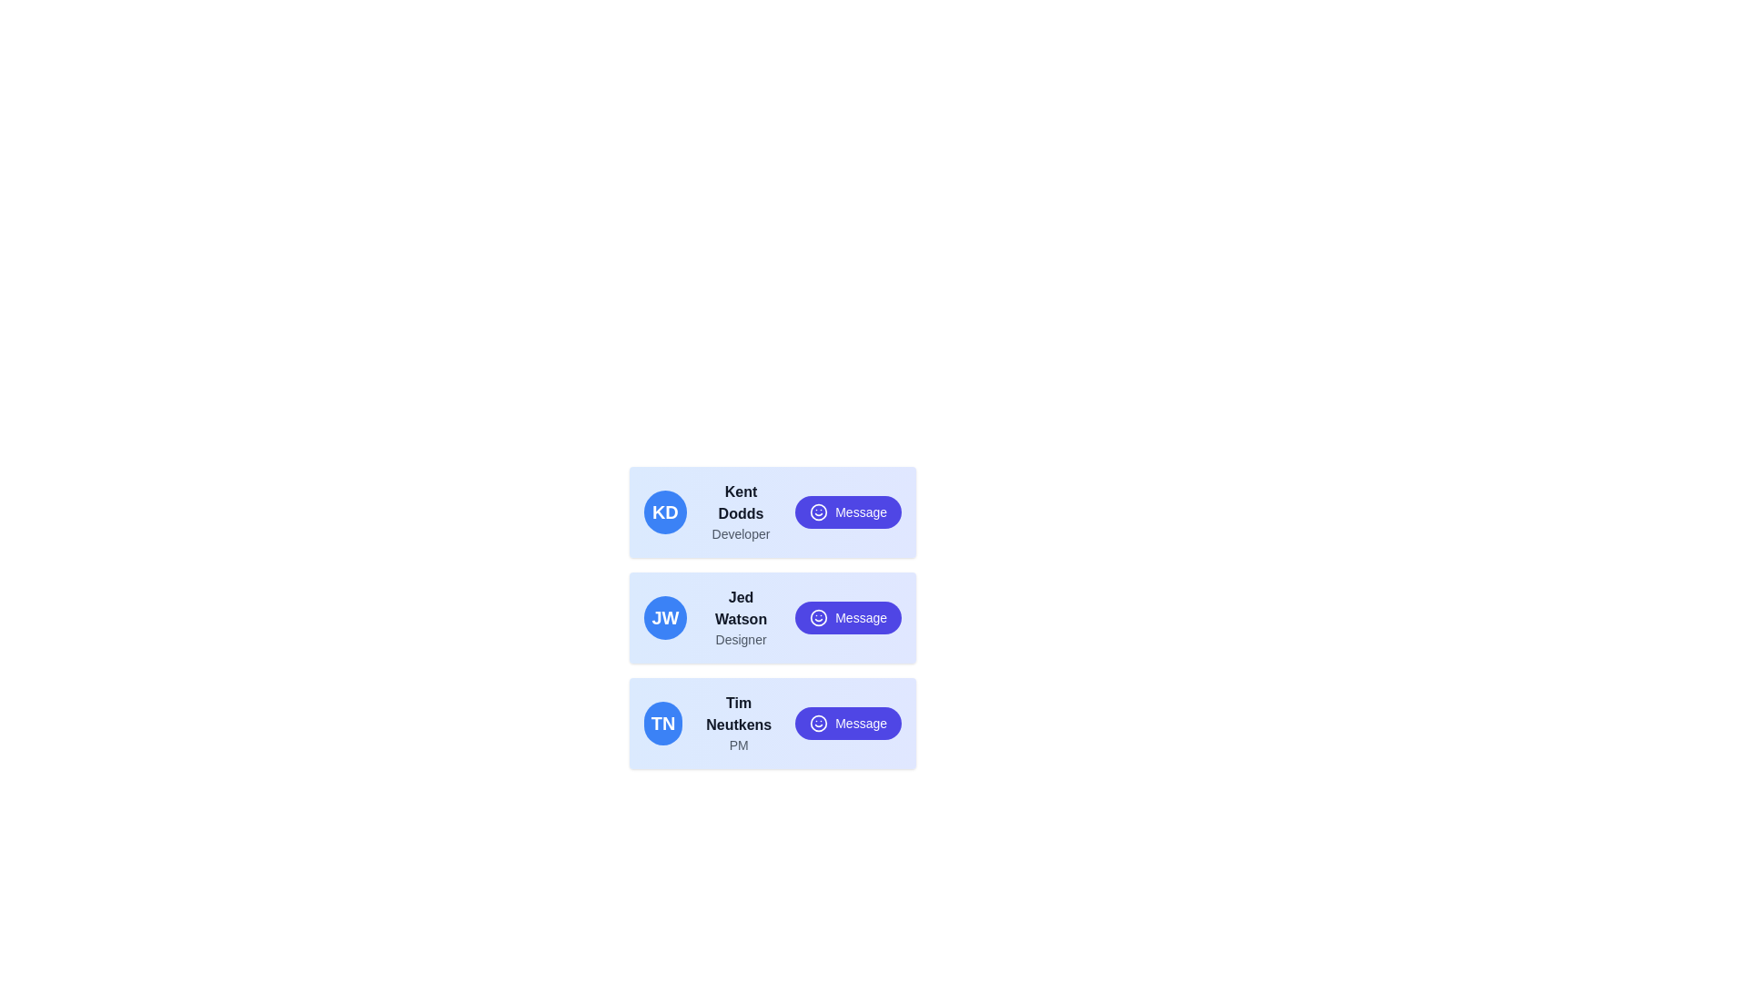  Describe the element at coordinates (664, 512) in the screenshot. I see `initials 'KD' from the Profile badge or avatar, which is a circular badge with a blue background located to the left of the text 'Kent Dodds' and 'Developer'` at that location.